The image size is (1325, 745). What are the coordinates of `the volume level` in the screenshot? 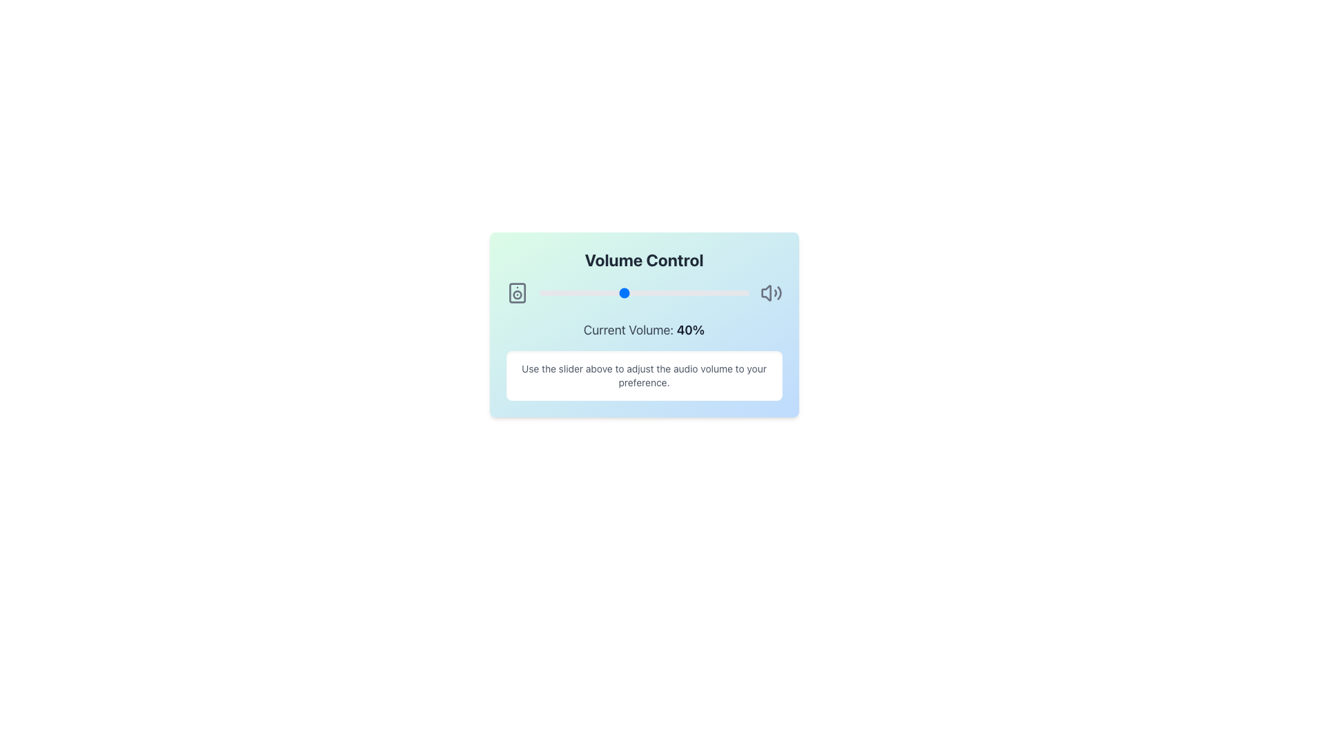 It's located at (727, 292).